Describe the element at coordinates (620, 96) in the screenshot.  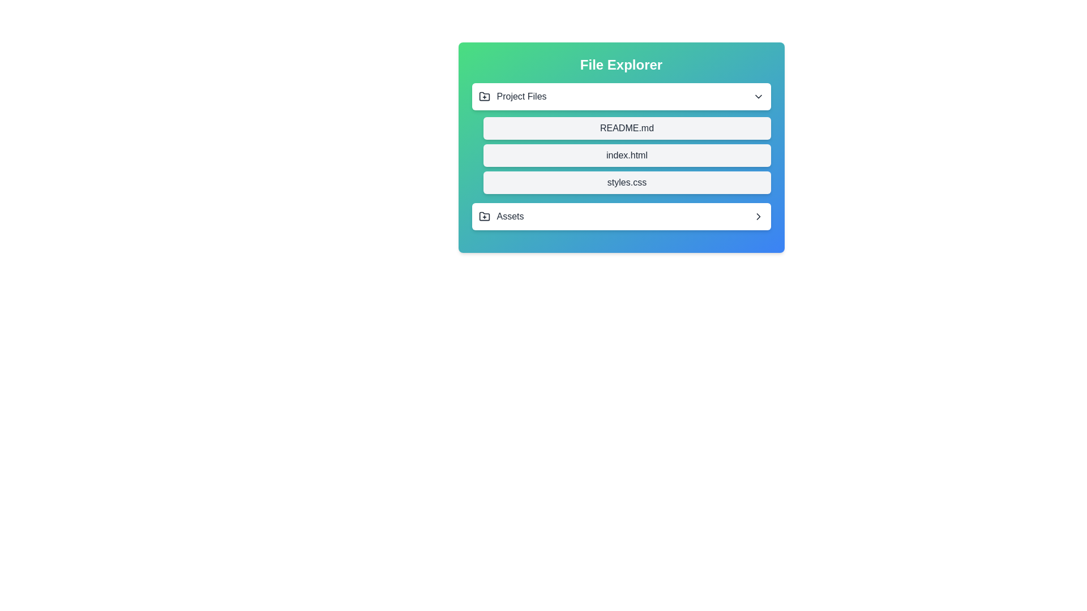
I see `the folder representation located at the top of the file list in the 'File Explorer' interface` at that location.